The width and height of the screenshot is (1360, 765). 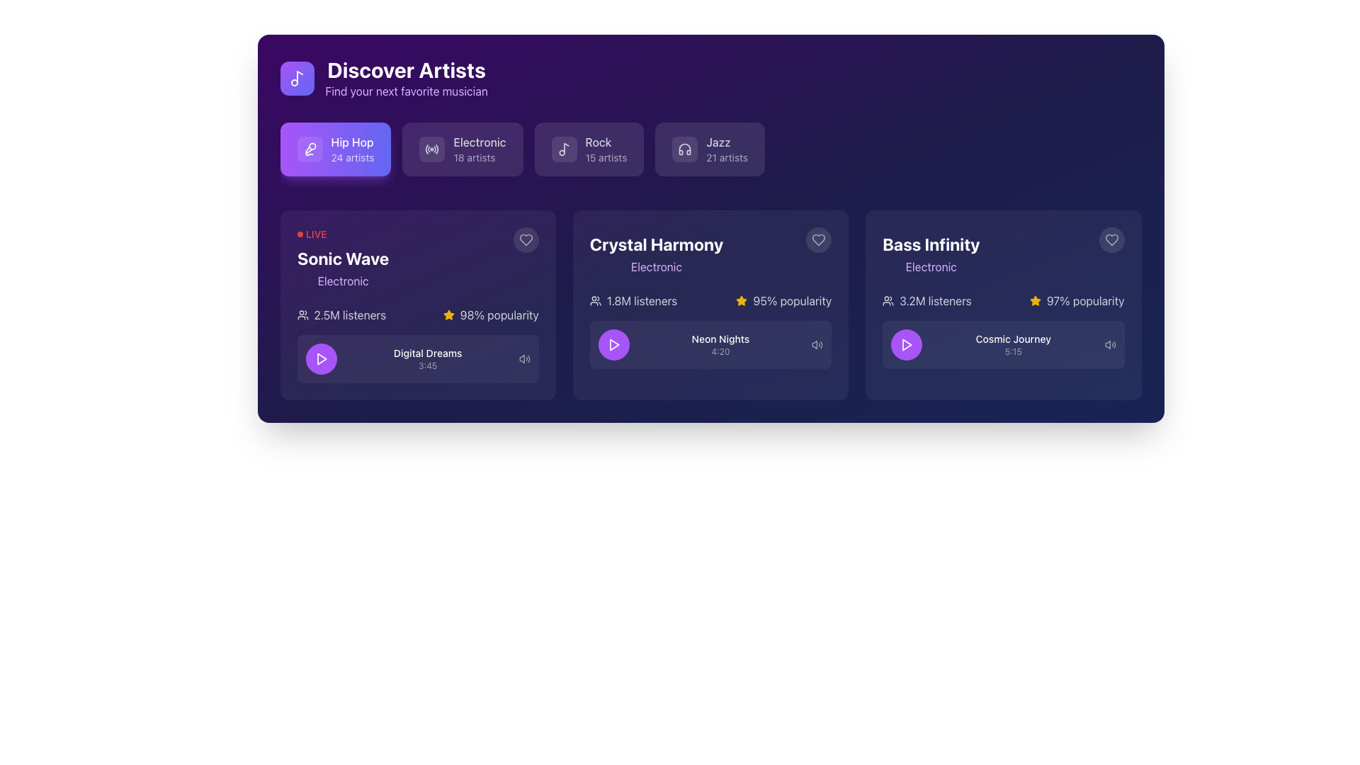 What do you see at coordinates (710, 149) in the screenshot?
I see `the 'Jazz' category button` at bounding box center [710, 149].